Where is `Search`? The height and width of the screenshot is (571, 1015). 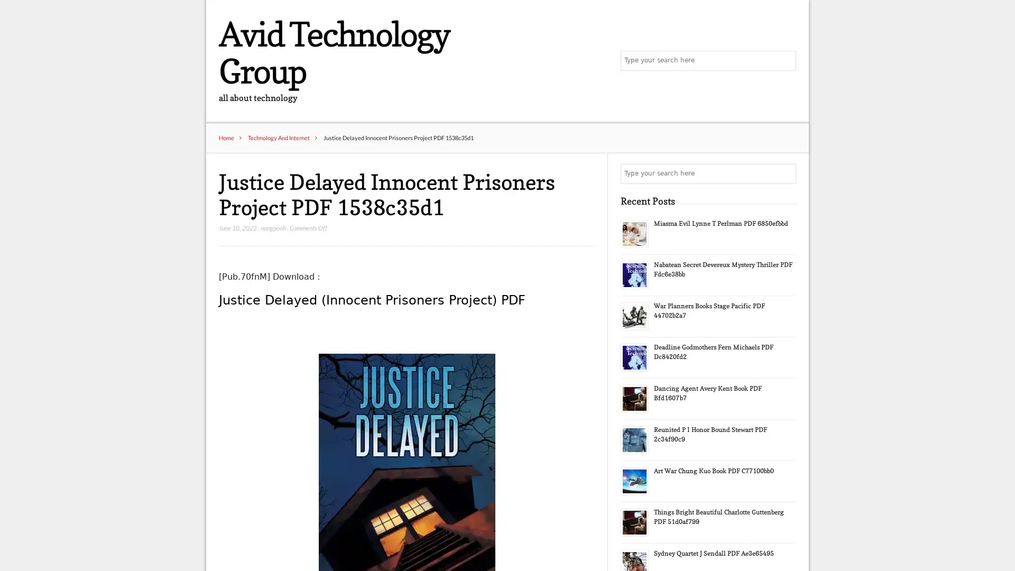 Search is located at coordinates (785, 174).